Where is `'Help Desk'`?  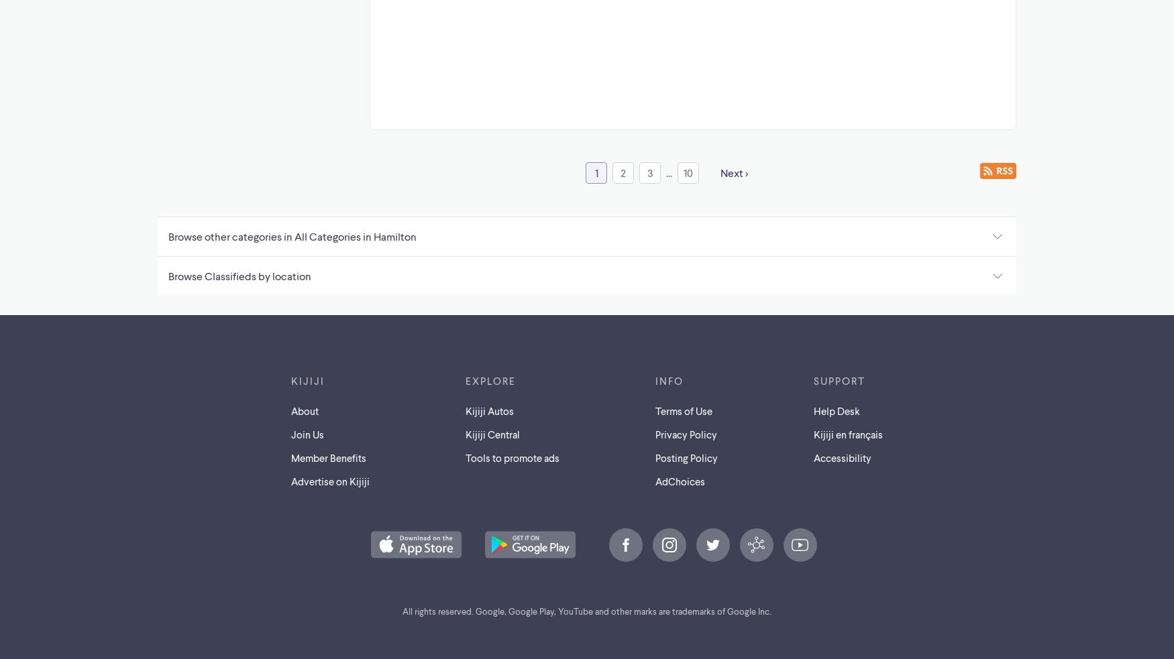
'Help Desk' is located at coordinates (836, 410).